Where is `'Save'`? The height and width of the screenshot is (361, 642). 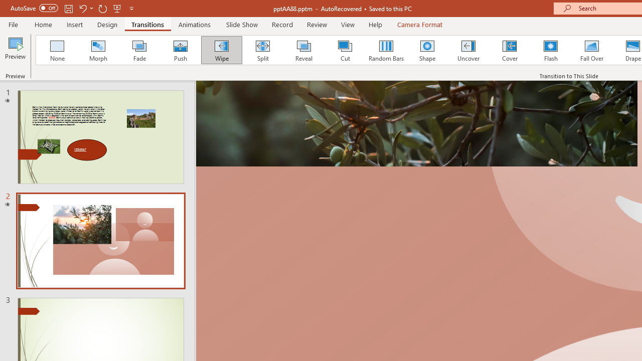 'Save' is located at coordinates (68, 8).